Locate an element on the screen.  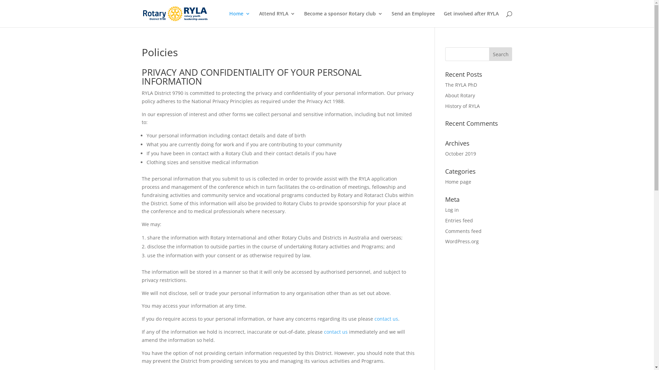
'History of RYLA' is located at coordinates (462, 106).